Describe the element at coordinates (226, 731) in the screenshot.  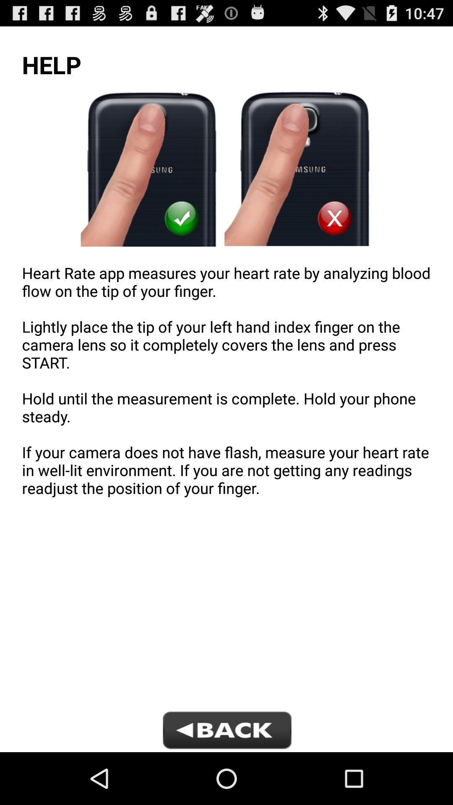
I see `icon below heart rate app` at that location.